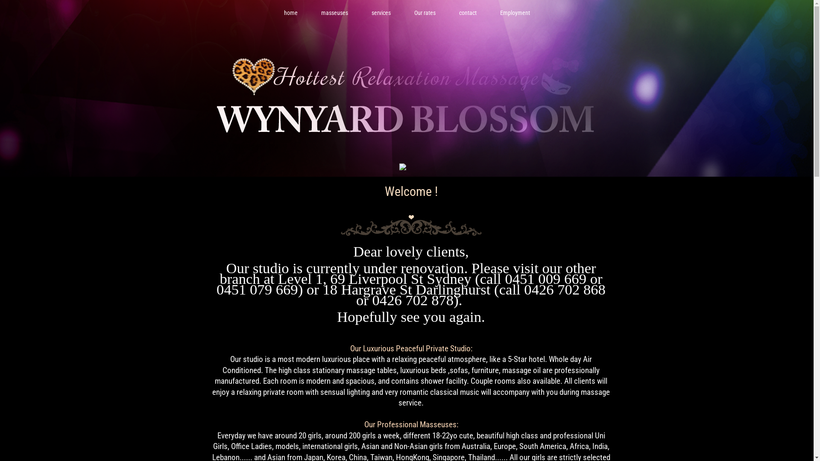  Describe the element at coordinates (467, 13) in the screenshot. I see `'contact'` at that location.